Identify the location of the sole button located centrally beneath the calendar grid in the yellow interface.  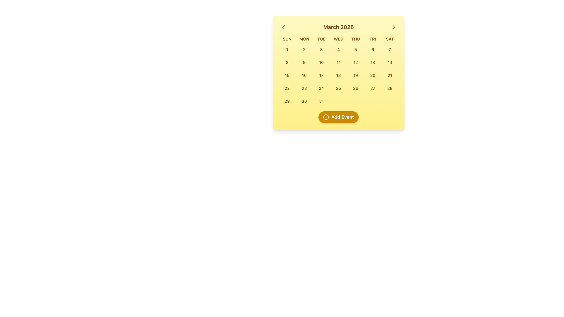
(338, 117).